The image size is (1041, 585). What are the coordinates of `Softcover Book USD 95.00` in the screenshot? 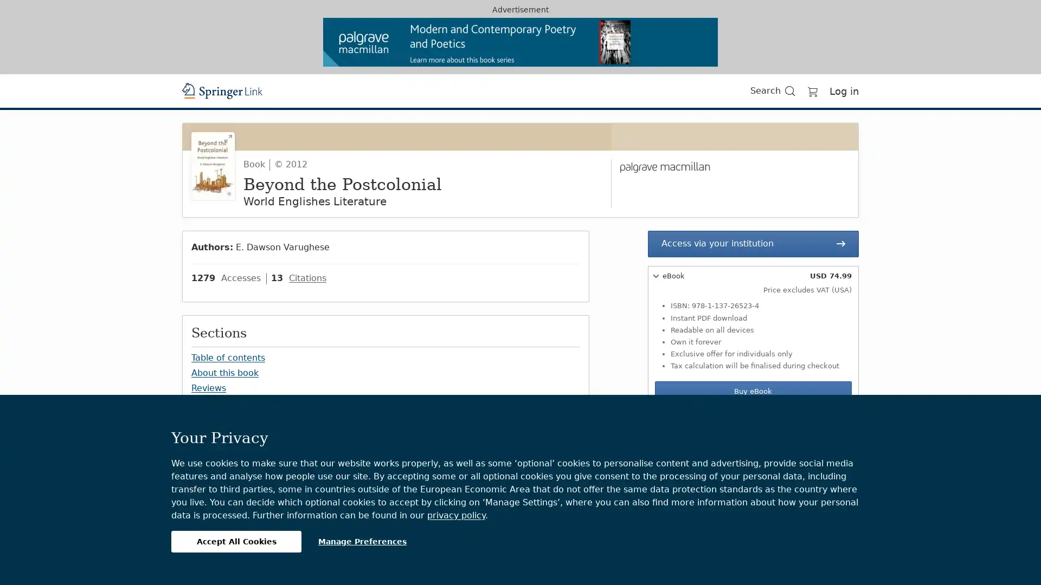 It's located at (752, 417).